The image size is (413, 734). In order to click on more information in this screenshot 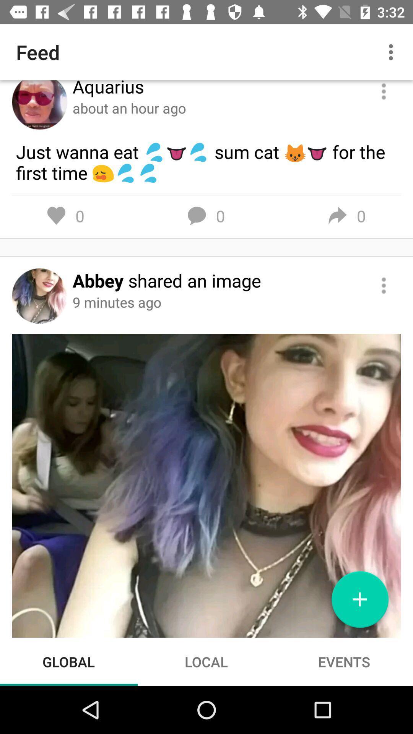, I will do `click(384, 285)`.